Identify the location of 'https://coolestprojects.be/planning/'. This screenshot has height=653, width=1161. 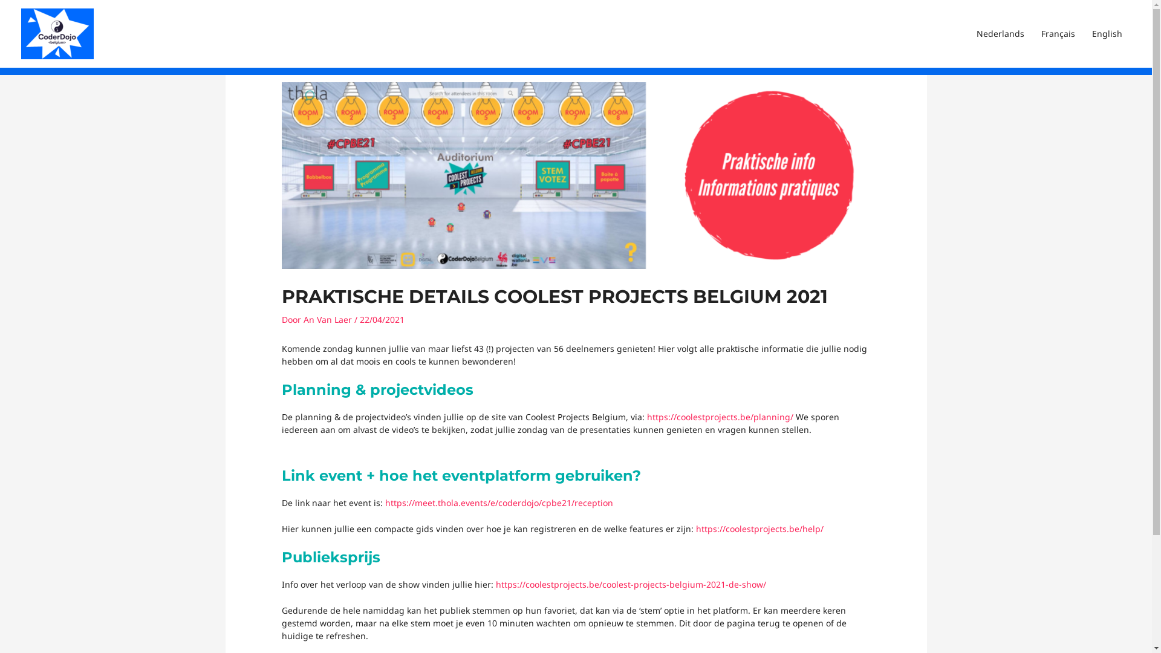
(646, 416).